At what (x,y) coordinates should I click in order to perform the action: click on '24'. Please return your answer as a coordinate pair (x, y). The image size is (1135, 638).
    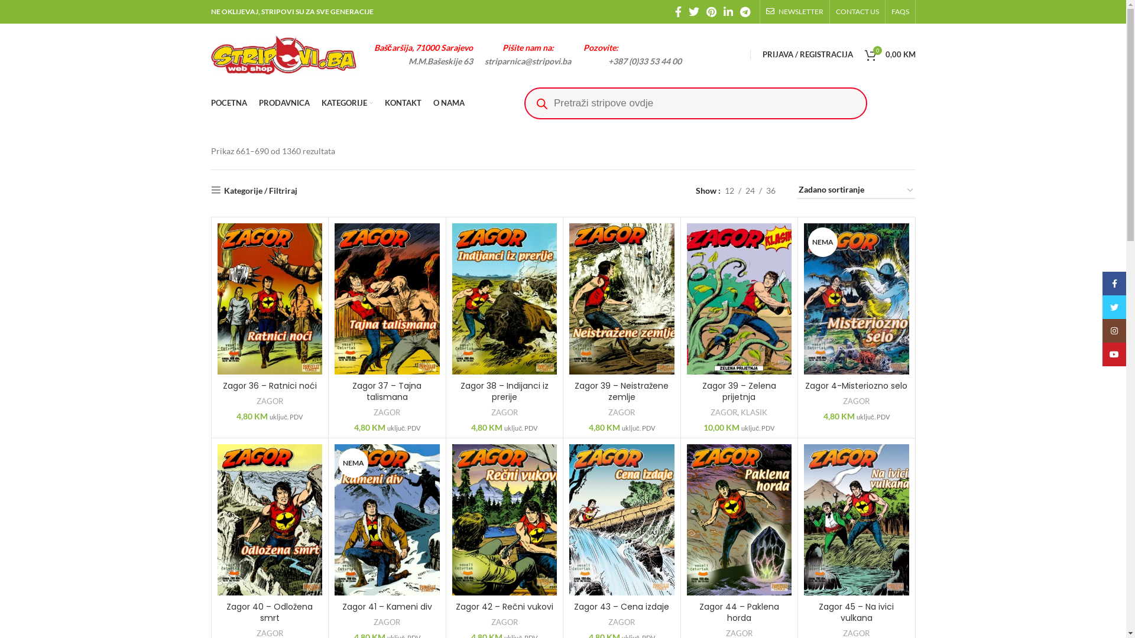
    Looking at the image, I should click on (749, 190).